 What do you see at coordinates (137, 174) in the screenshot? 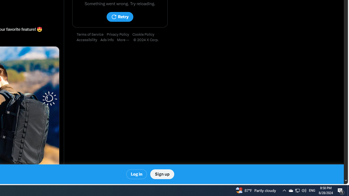
I see `'Log in'` at bounding box center [137, 174].